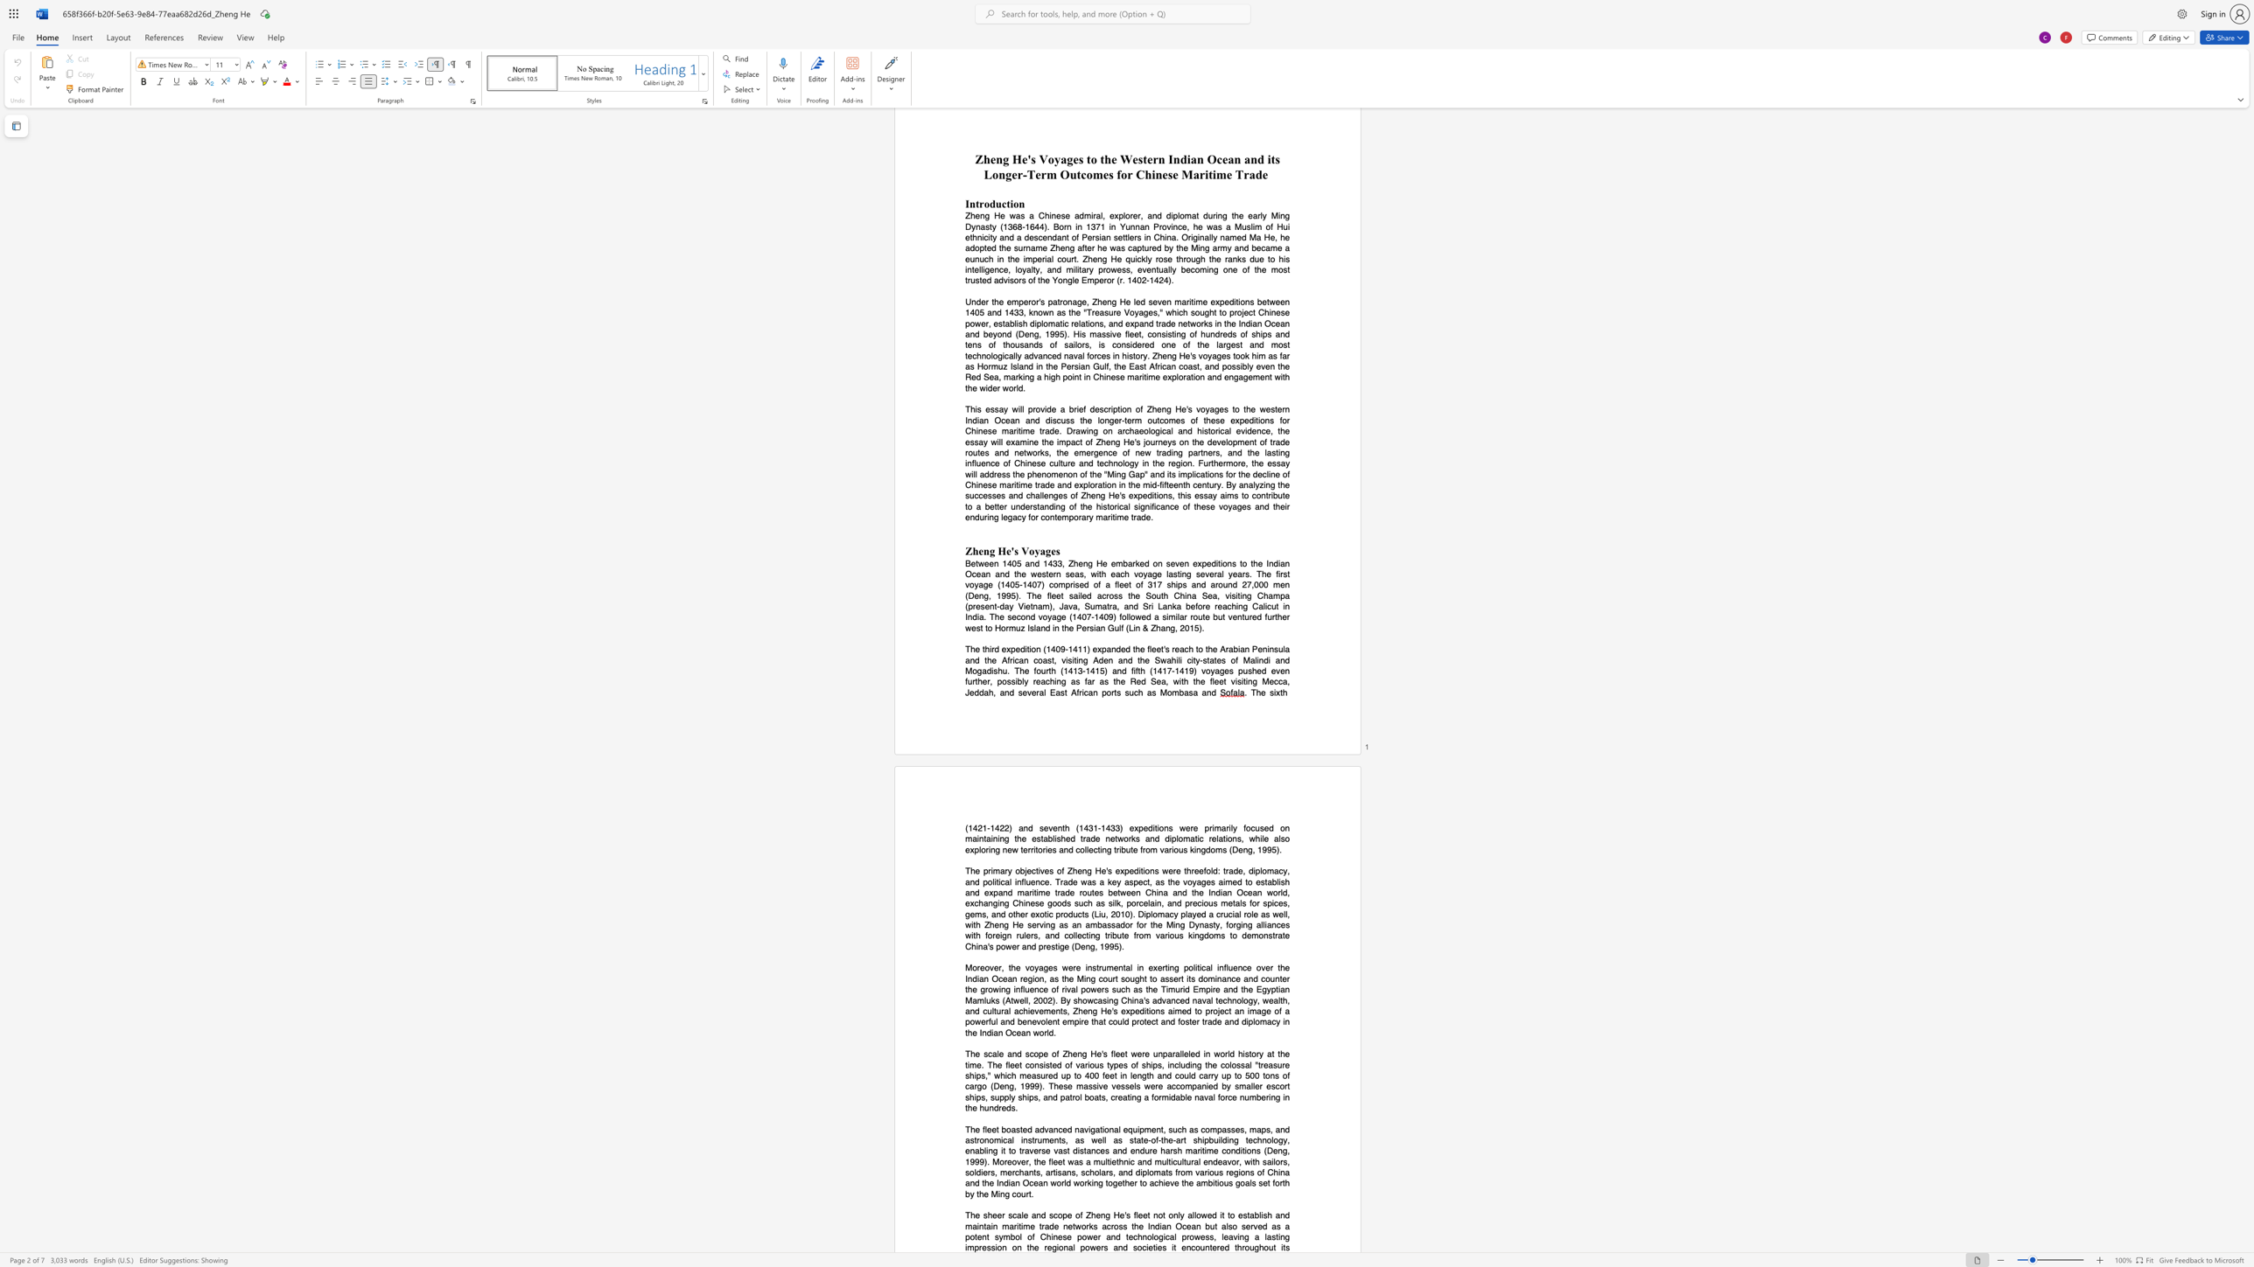 The image size is (2254, 1267). I want to click on the space between the continuous character "i" and "n" in the text, so click(1279, 1236).